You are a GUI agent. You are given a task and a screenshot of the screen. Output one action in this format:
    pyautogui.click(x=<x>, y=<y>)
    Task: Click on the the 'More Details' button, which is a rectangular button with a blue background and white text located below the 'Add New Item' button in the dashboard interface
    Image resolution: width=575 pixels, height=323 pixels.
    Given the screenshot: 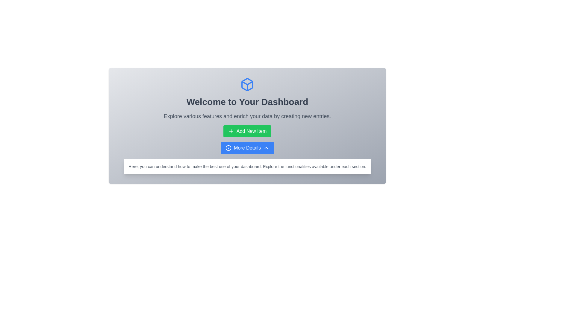 What is the action you would take?
    pyautogui.click(x=247, y=148)
    